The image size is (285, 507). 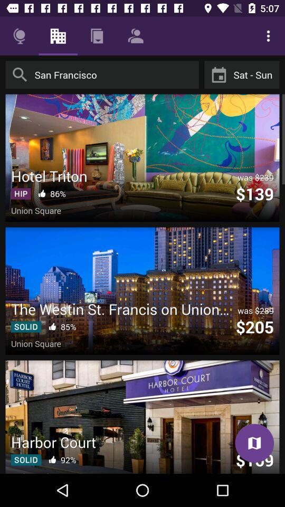 I want to click on the book icon, so click(x=254, y=443).